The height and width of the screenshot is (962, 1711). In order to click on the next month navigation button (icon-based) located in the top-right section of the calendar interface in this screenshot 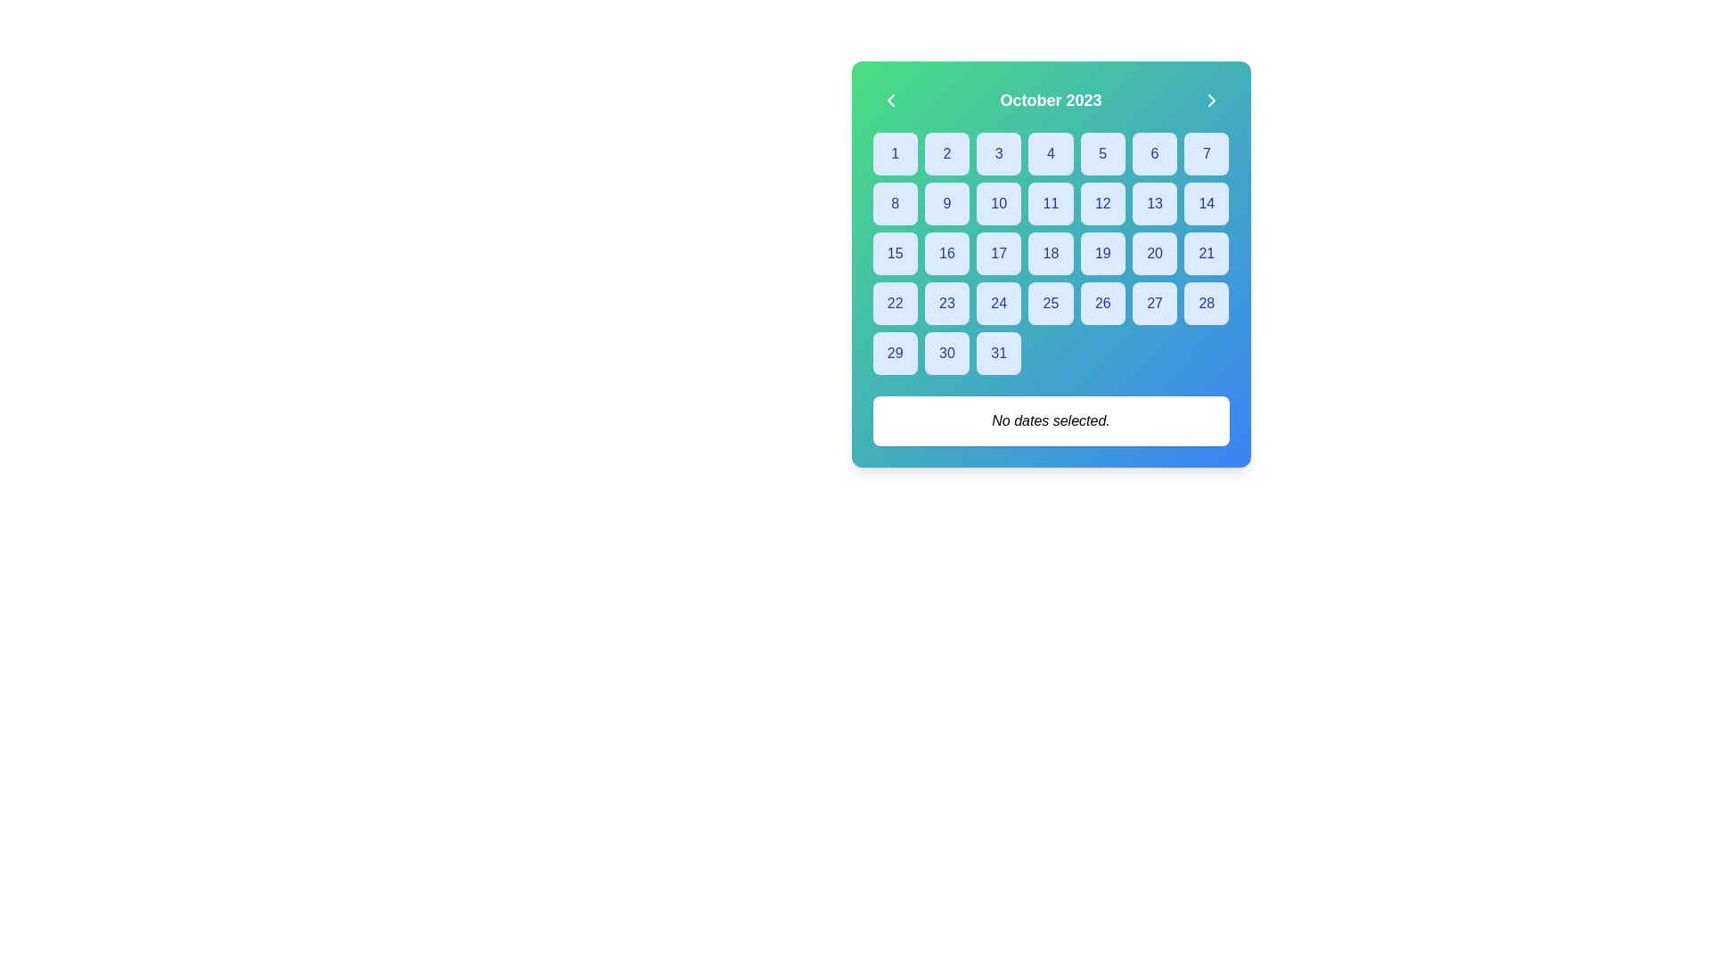, I will do `click(1211, 100)`.